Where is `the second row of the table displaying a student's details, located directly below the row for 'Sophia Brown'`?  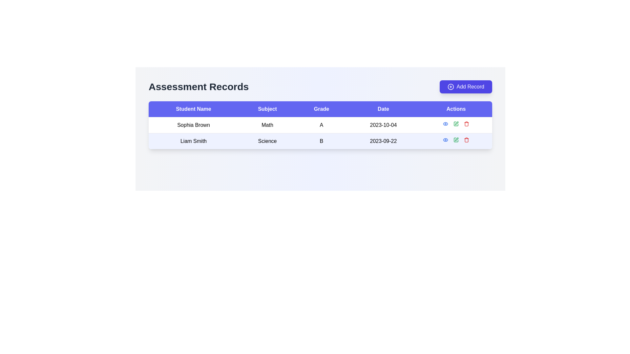
the second row of the table displaying a student's details, located directly below the row for 'Sophia Brown' is located at coordinates (320, 141).